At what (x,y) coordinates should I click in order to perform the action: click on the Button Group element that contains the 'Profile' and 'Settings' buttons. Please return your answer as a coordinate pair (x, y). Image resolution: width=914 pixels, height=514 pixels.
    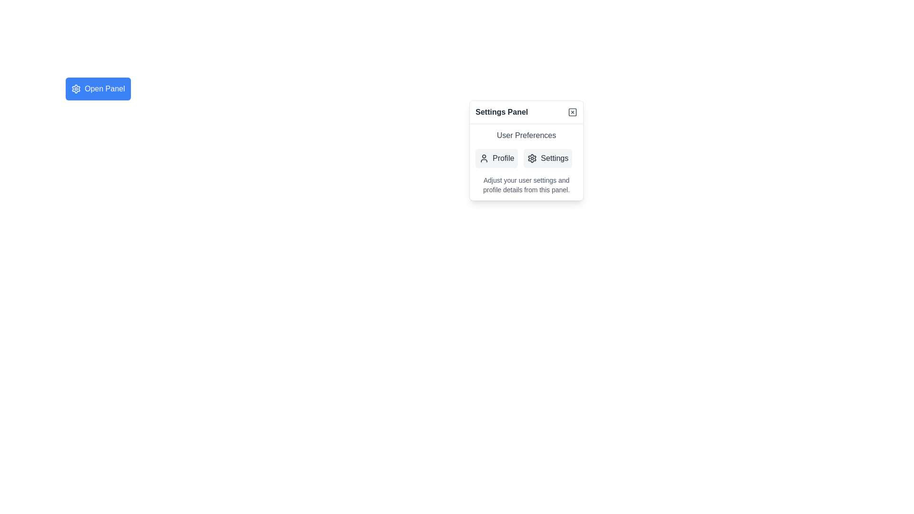
    Looking at the image, I should click on (526, 158).